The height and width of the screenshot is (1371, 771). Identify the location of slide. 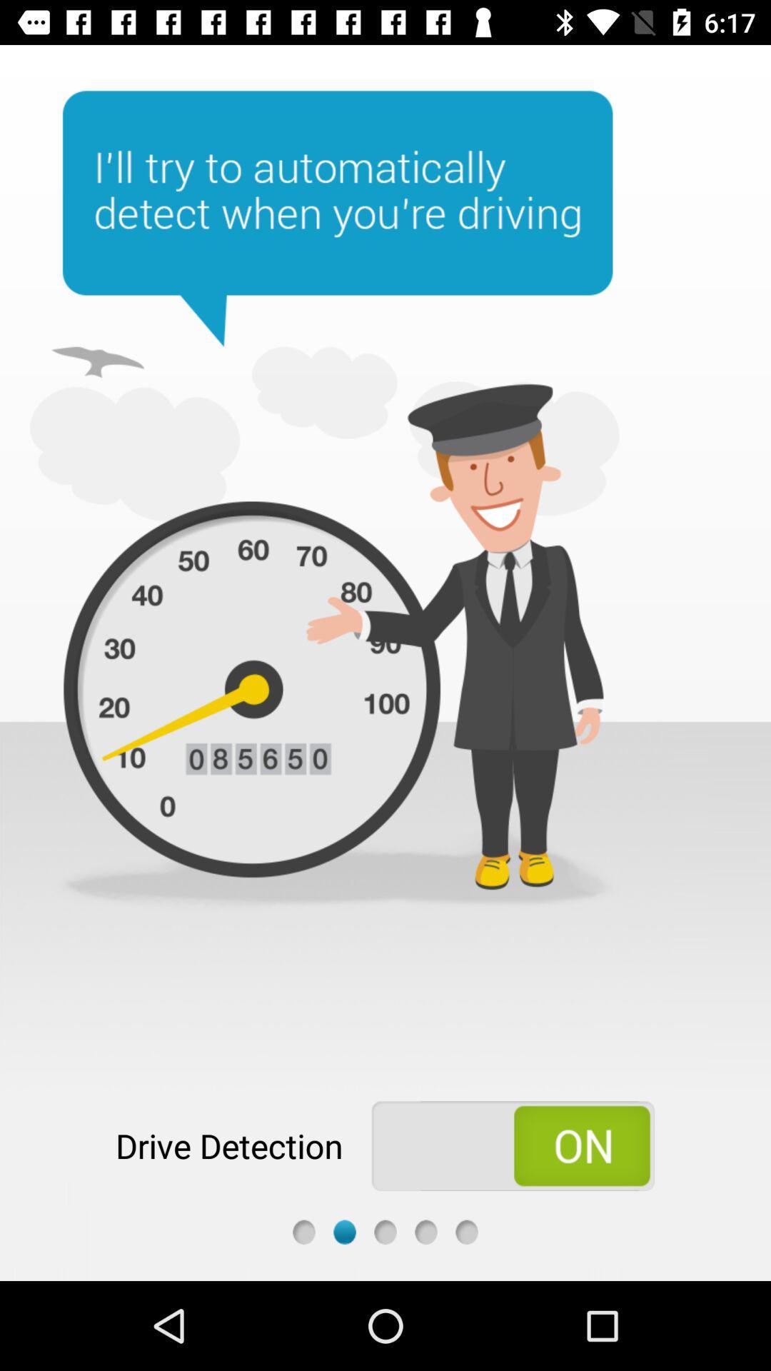
(344, 1231).